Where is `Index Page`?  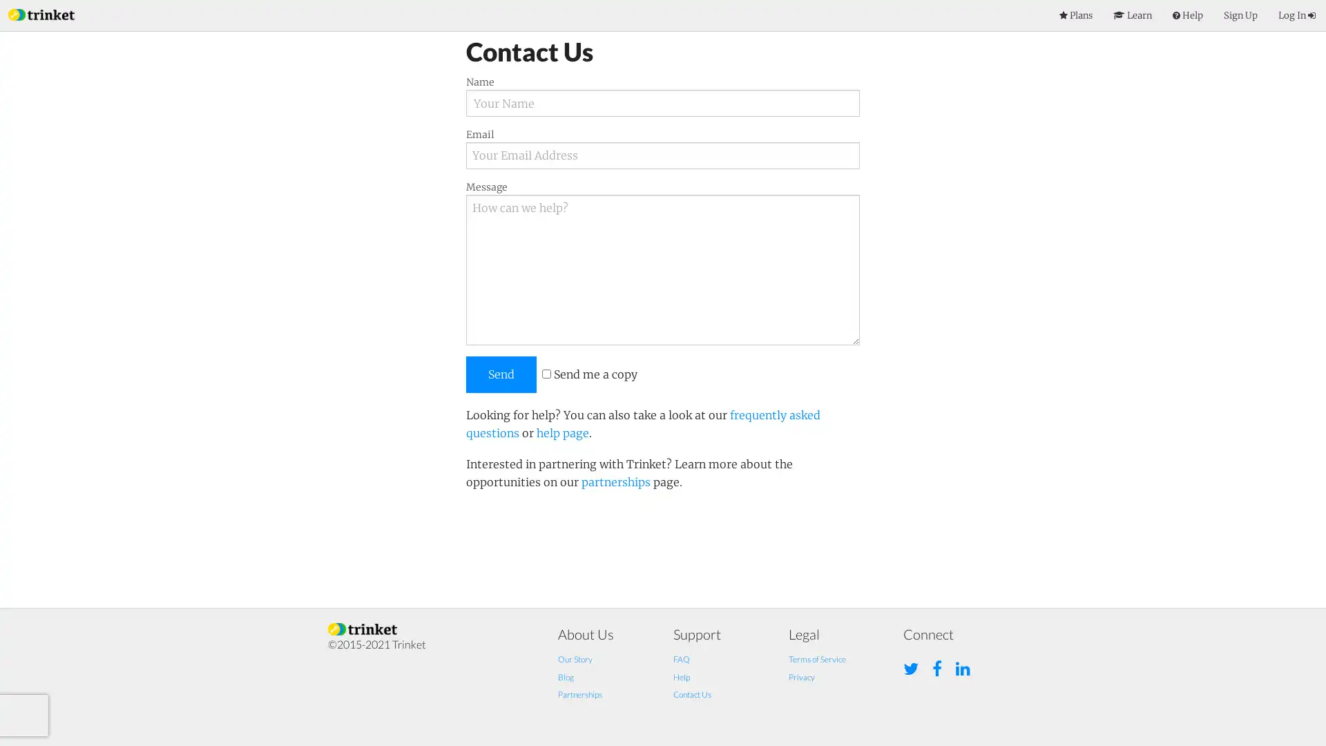
Index Page is located at coordinates (41, 13).